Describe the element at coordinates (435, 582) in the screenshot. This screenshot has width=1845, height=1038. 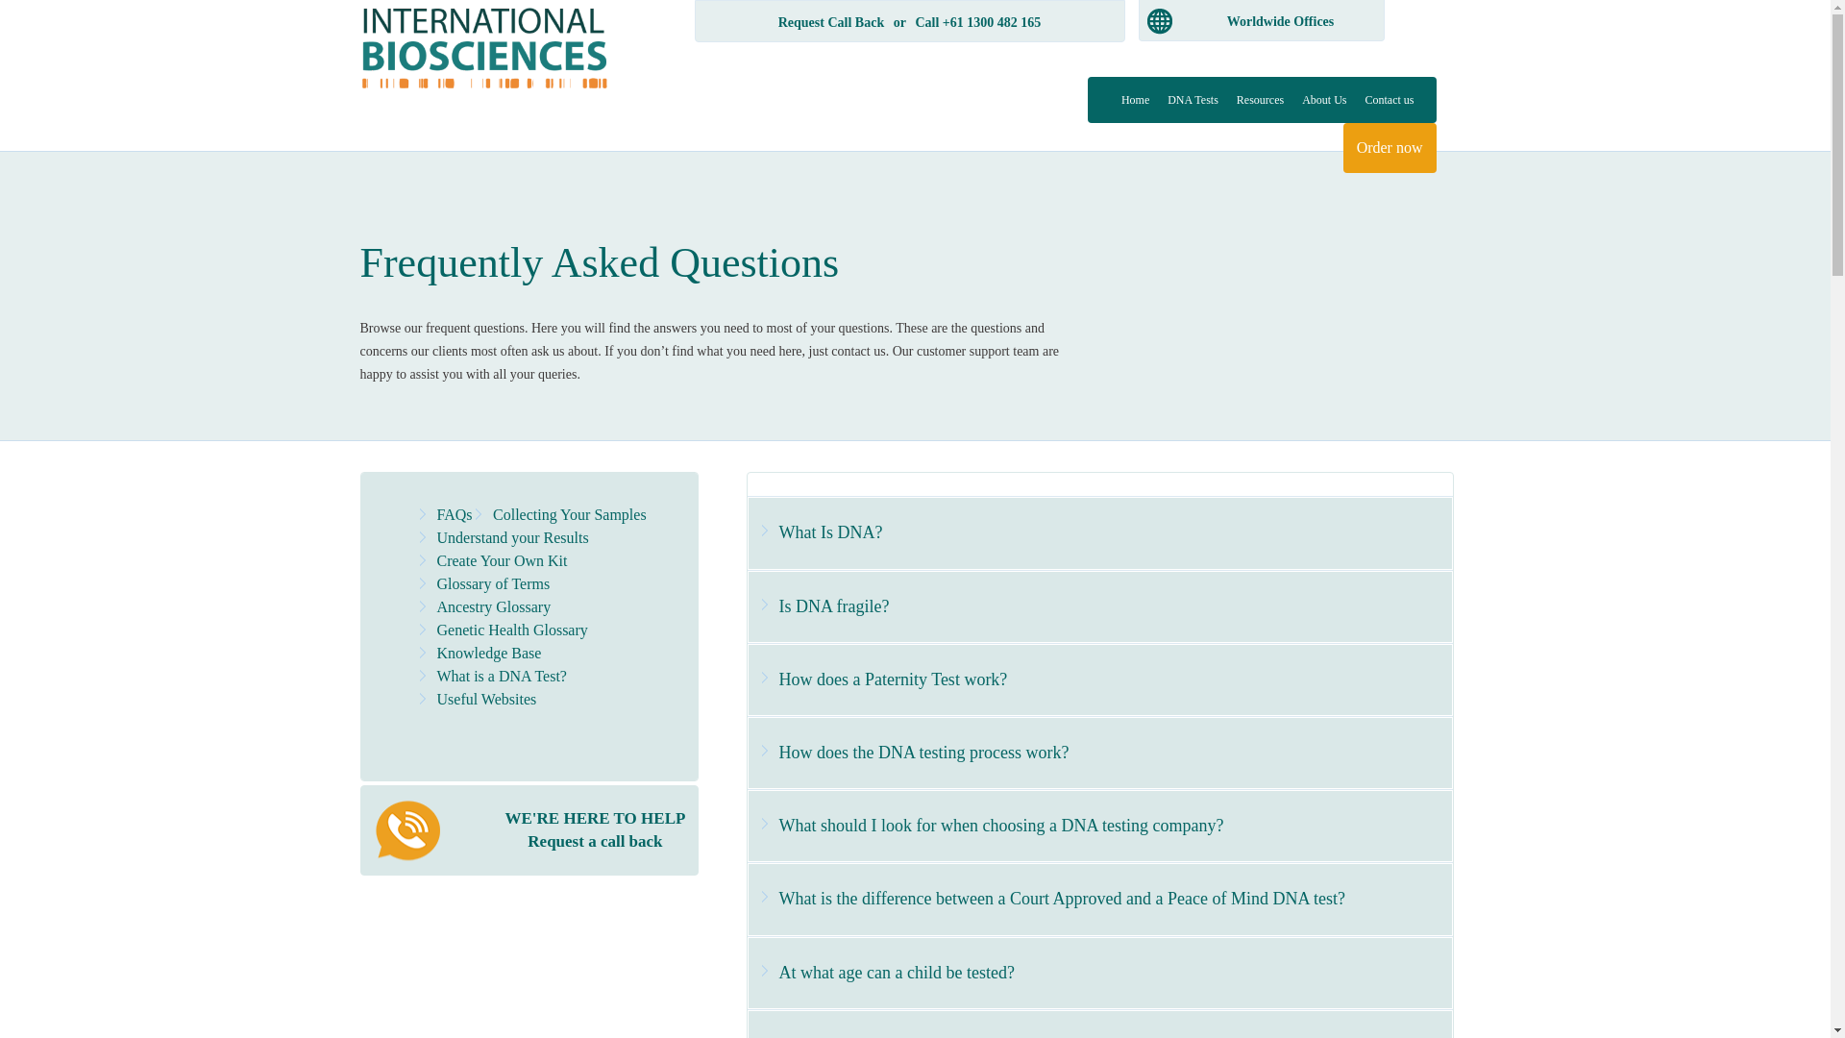
I see `'Glossary of Terms'` at that location.